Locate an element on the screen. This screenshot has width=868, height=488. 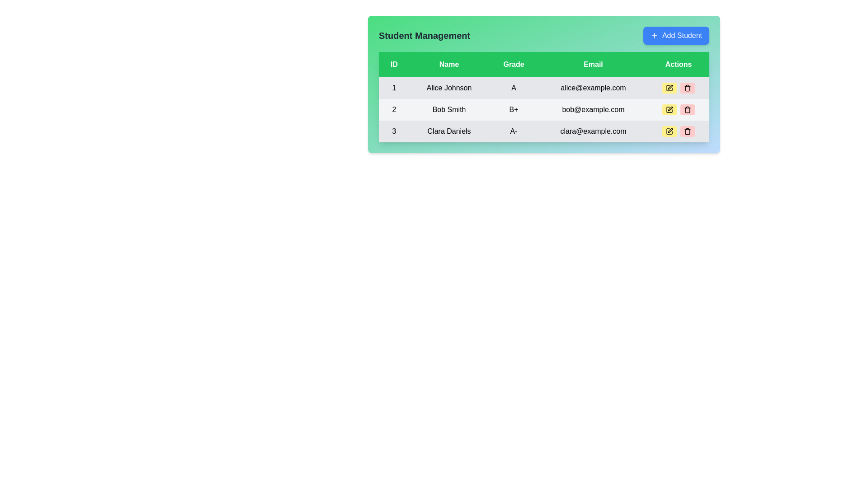
the numeric value '1' presented in bold text, located in the leftmost column of the table, centered within a light gray rectangular cell is located at coordinates (394, 88).